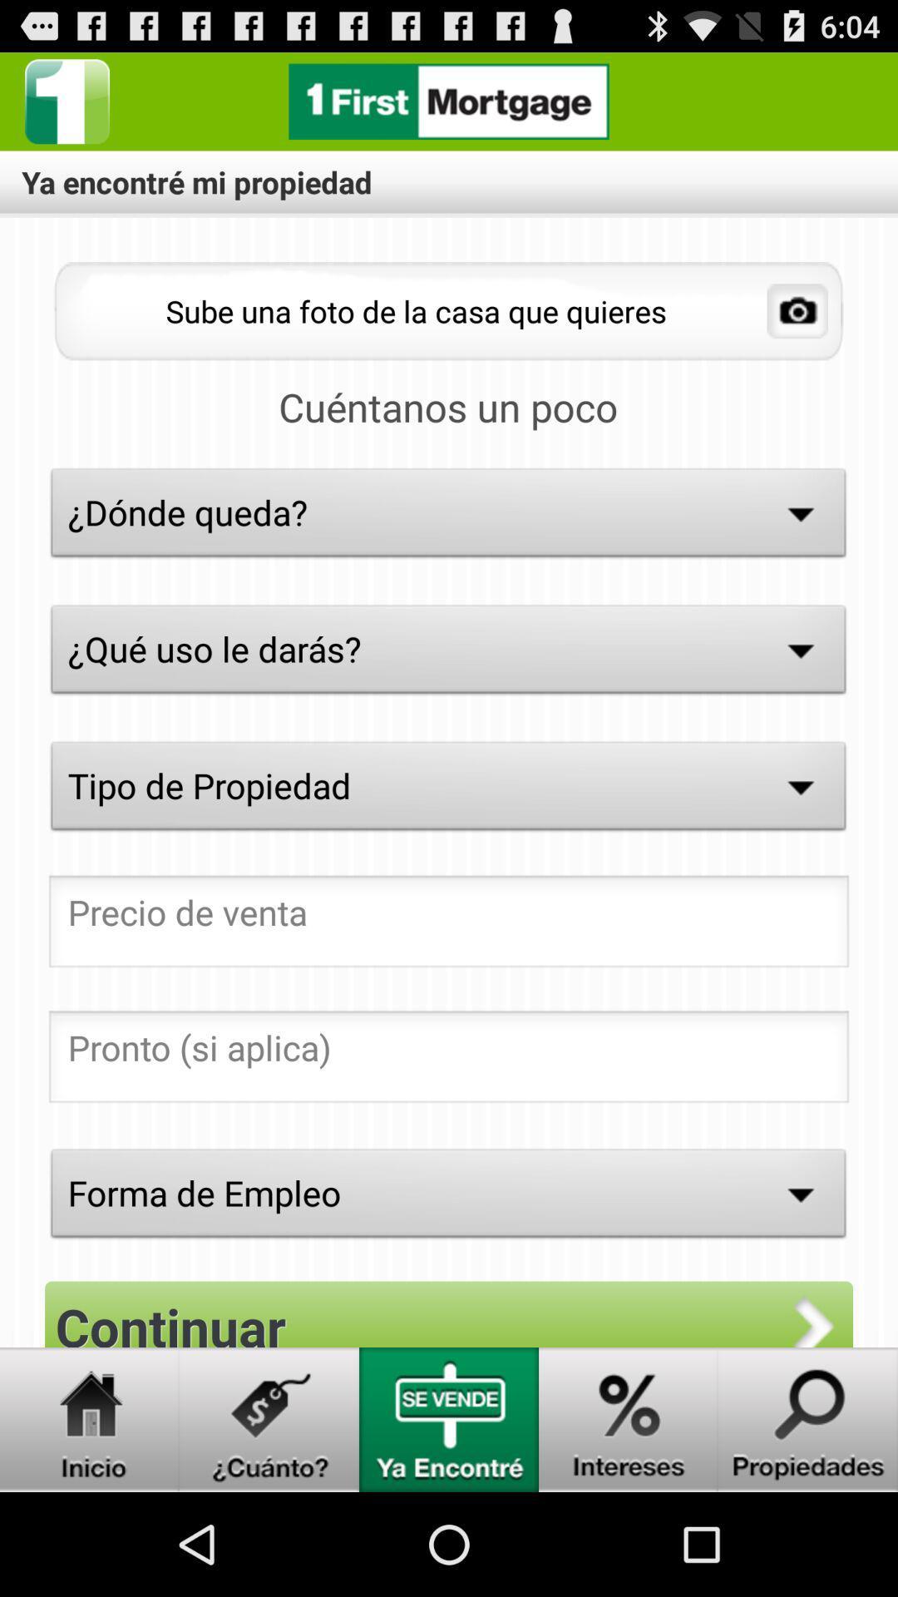 The height and width of the screenshot is (1597, 898). Describe the element at coordinates (90, 1519) in the screenshot. I see `the home icon` at that location.